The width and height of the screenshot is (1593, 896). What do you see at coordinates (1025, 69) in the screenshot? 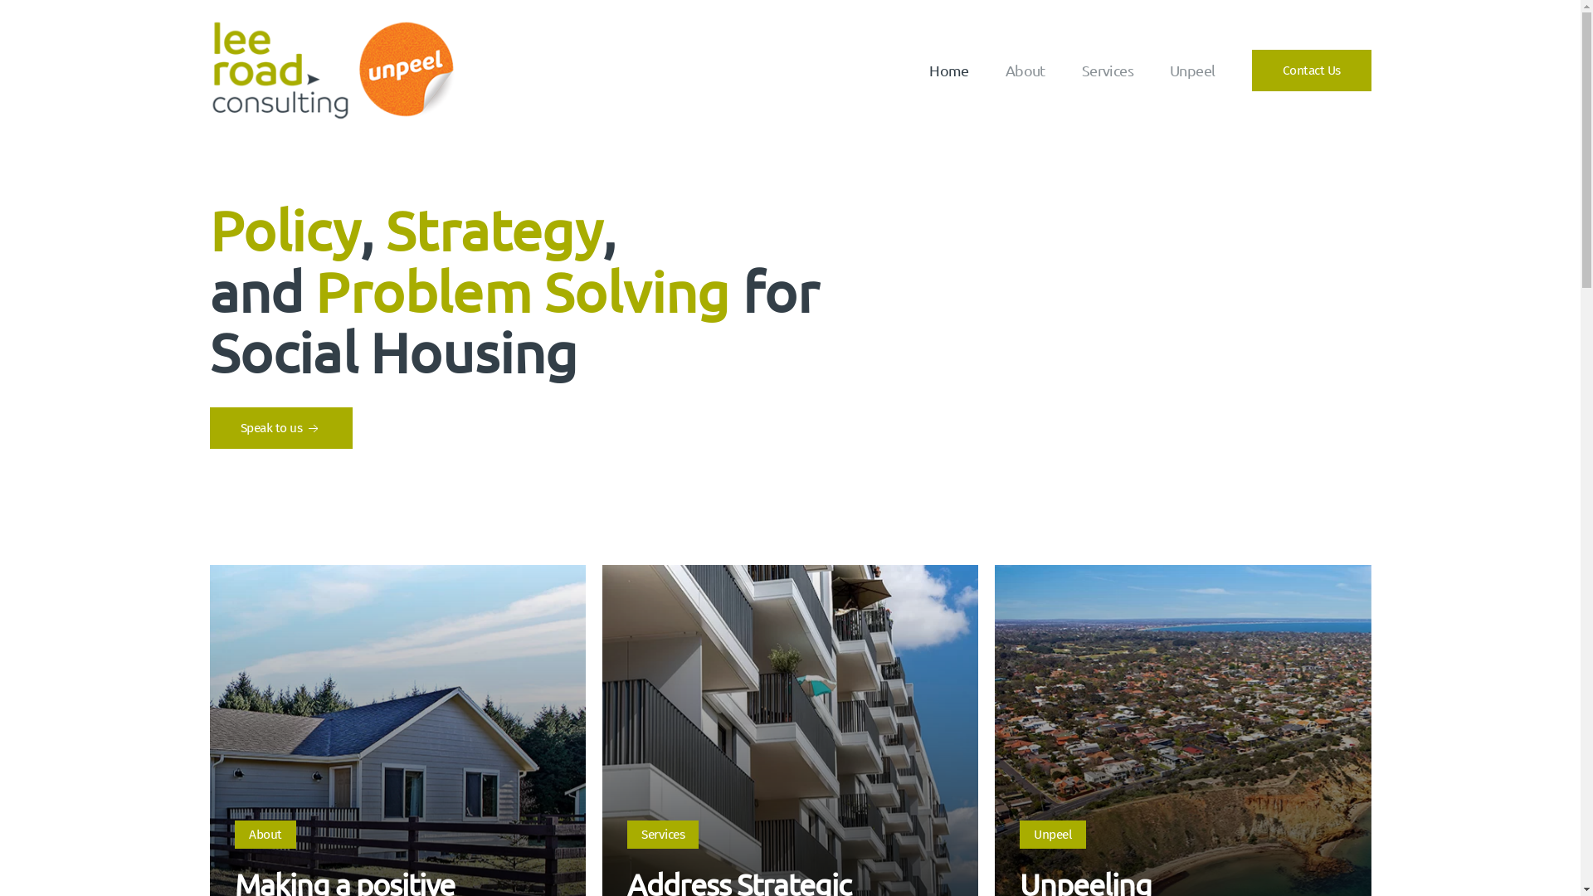
I see `'About'` at bounding box center [1025, 69].